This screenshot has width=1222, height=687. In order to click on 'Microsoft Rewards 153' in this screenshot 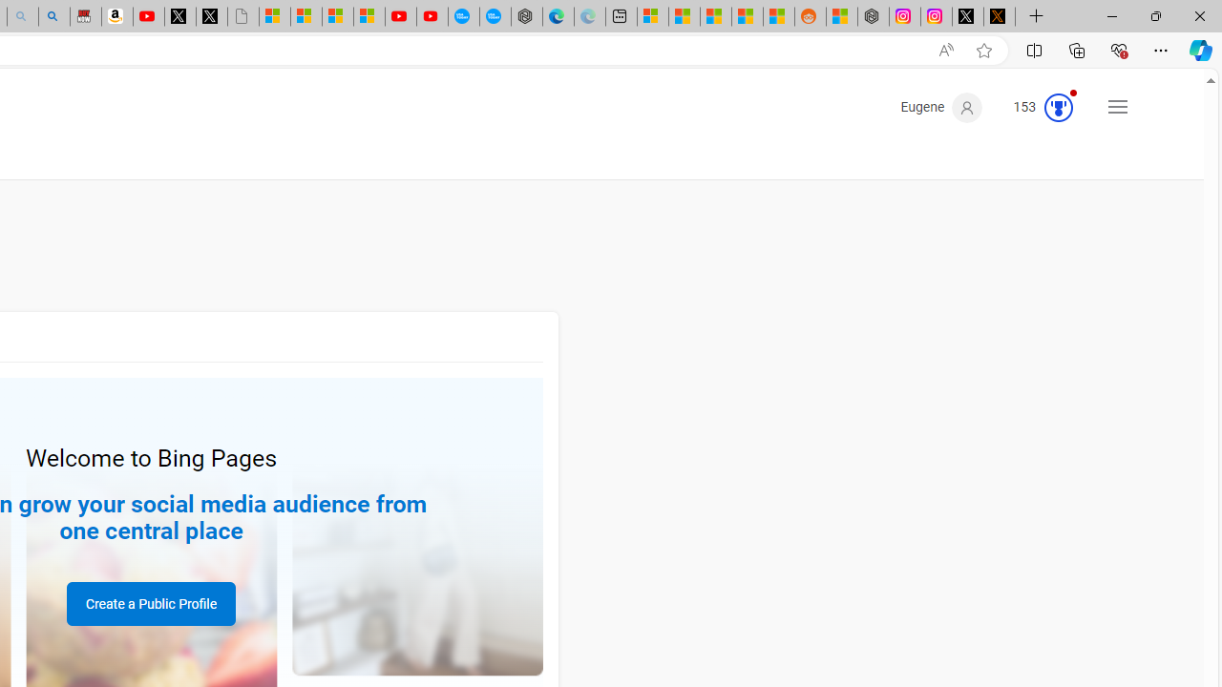, I will do `click(1034, 108)`.